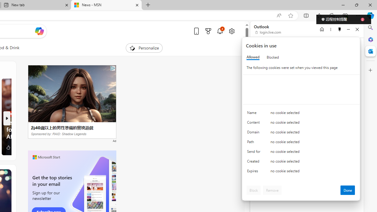 The image size is (377, 212). Describe the element at coordinates (268, 32) in the screenshot. I see `'login.live.com'` at that location.